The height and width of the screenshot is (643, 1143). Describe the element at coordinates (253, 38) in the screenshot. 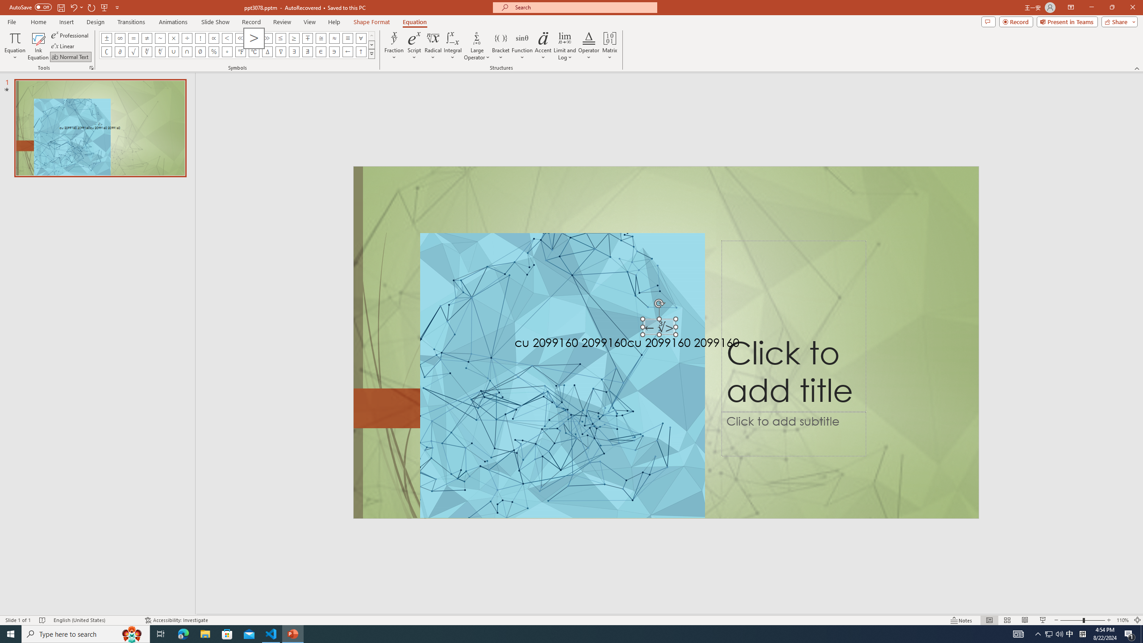

I see `'Equation Symbol Greater Than'` at that location.